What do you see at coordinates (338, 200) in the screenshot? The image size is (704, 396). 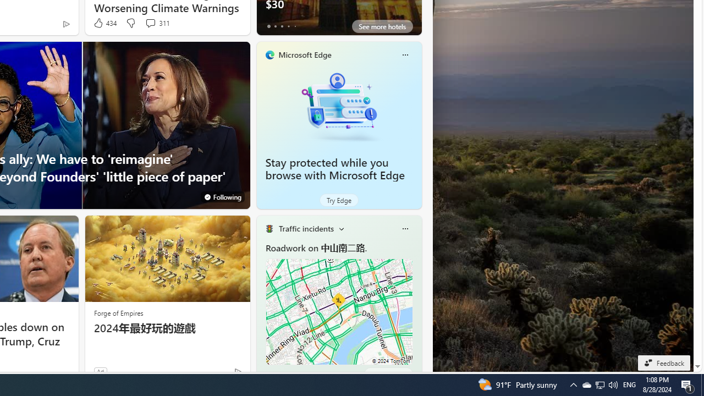 I see `'Try Edge'` at bounding box center [338, 200].